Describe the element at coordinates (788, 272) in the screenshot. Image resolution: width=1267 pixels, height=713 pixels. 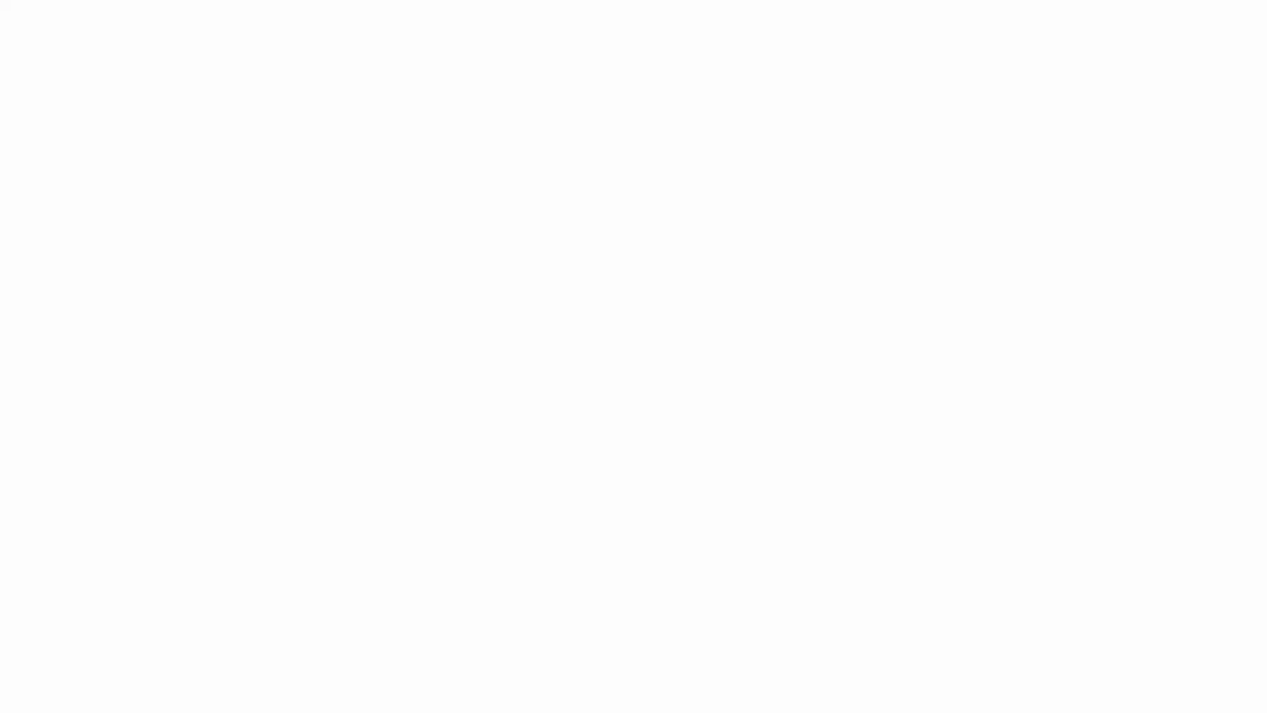
I see `Continue with Apple` at that location.